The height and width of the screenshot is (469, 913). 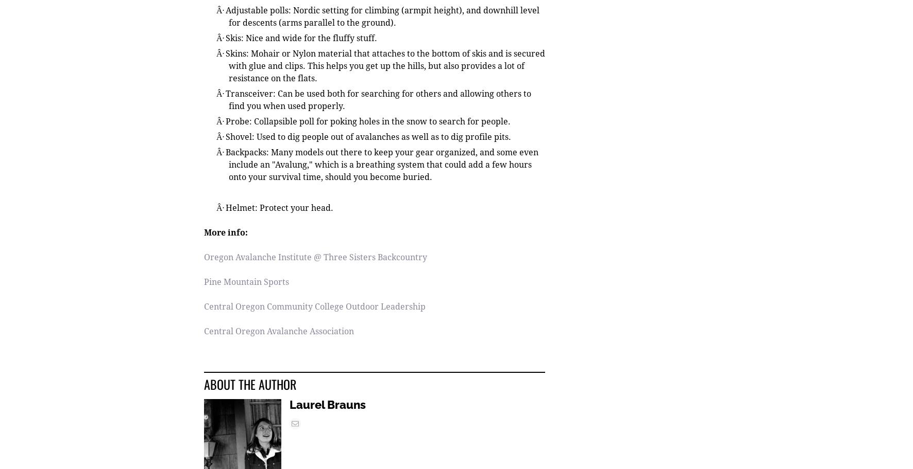 What do you see at coordinates (278, 208) in the screenshot?
I see `'Helmet: Protect your head.'` at bounding box center [278, 208].